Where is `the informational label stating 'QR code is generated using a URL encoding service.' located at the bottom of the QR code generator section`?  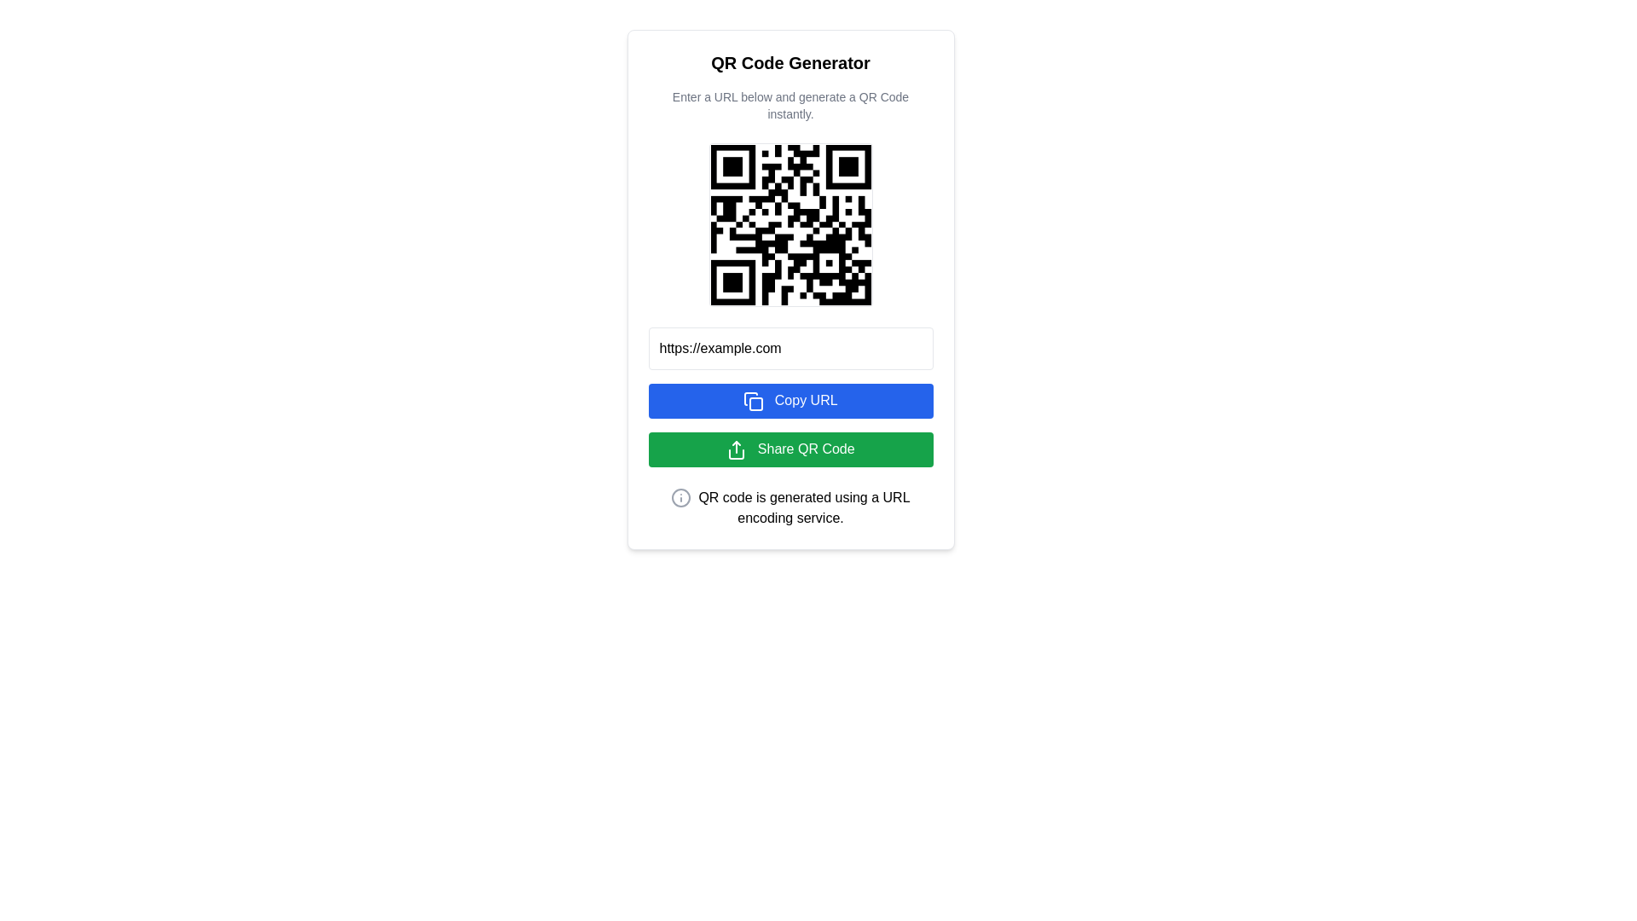
the informational label stating 'QR code is generated using a URL encoding service.' located at the bottom of the QR code generator section is located at coordinates (790, 507).